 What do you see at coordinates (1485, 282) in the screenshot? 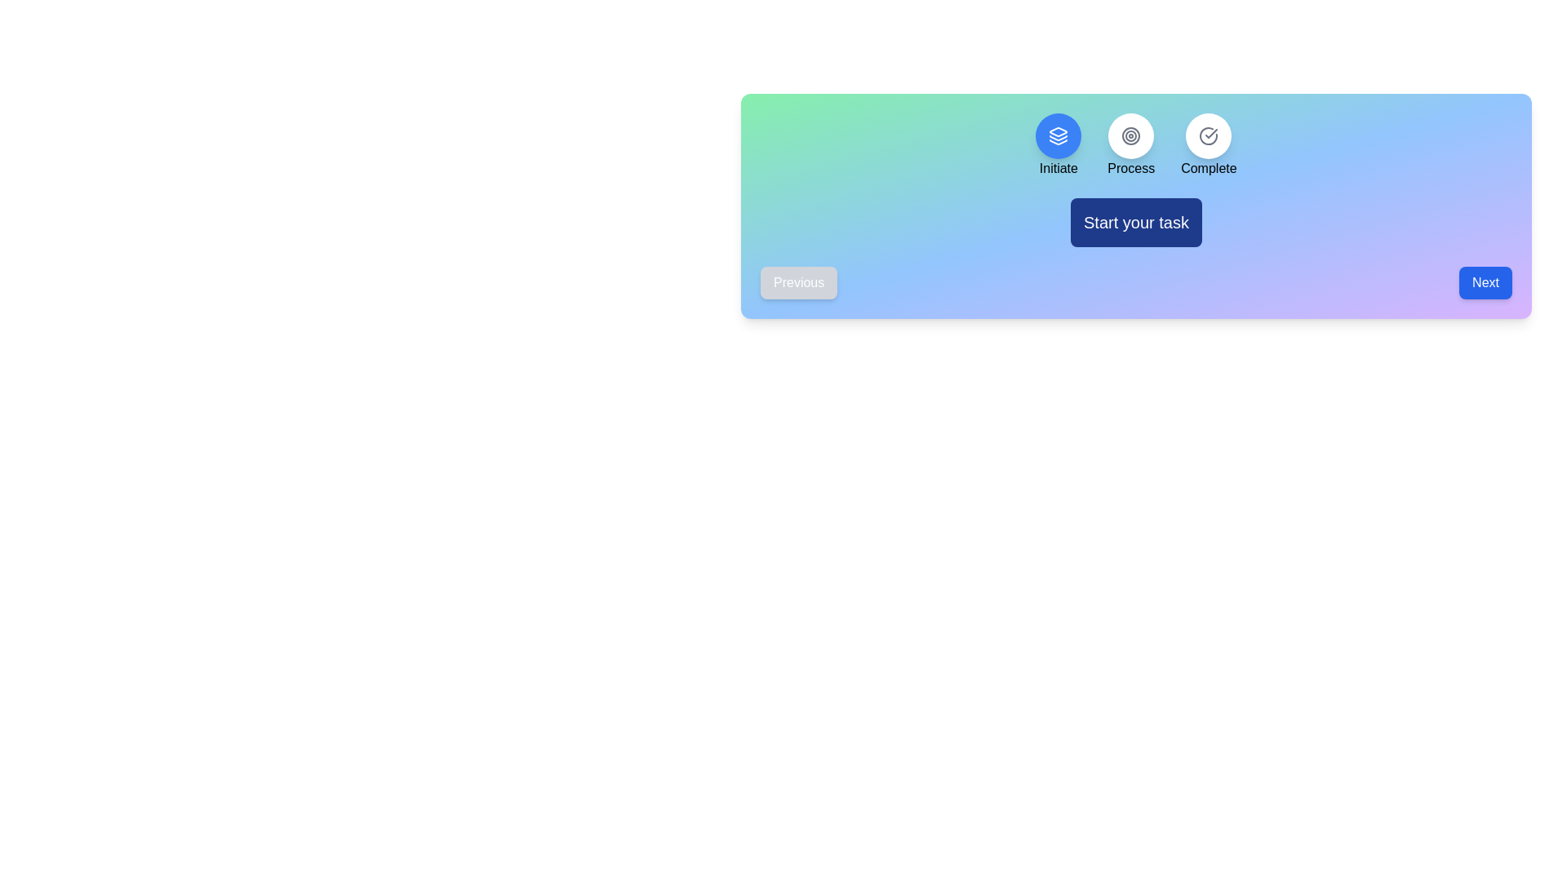
I see `the Next button to navigate the steps` at bounding box center [1485, 282].